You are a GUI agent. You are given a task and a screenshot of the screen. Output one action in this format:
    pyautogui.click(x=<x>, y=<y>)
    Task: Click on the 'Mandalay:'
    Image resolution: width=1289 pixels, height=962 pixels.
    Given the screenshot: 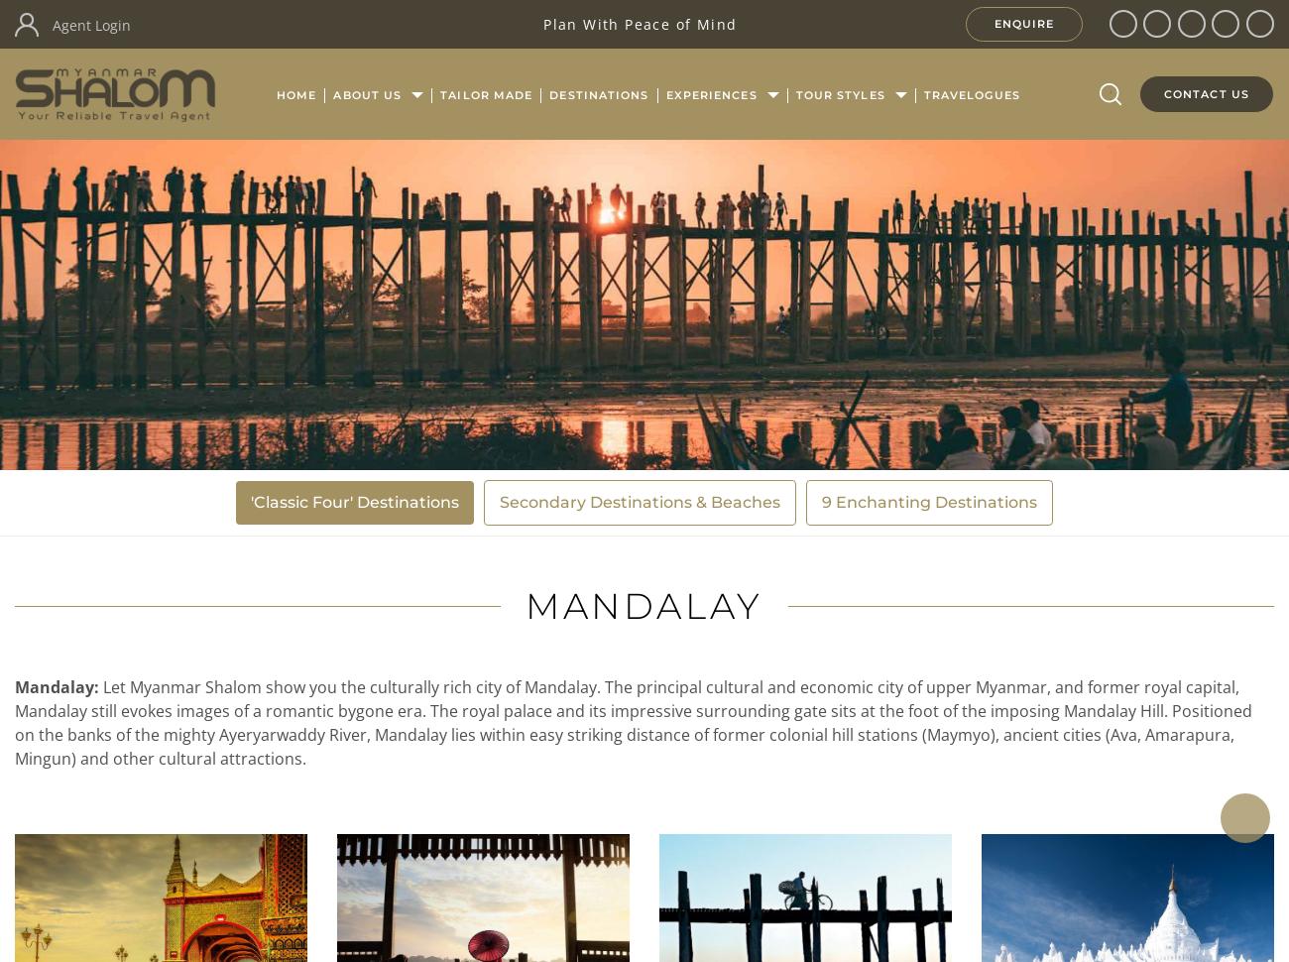 What is the action you would take?
    pyautogui.click(x=57, y=686)
    